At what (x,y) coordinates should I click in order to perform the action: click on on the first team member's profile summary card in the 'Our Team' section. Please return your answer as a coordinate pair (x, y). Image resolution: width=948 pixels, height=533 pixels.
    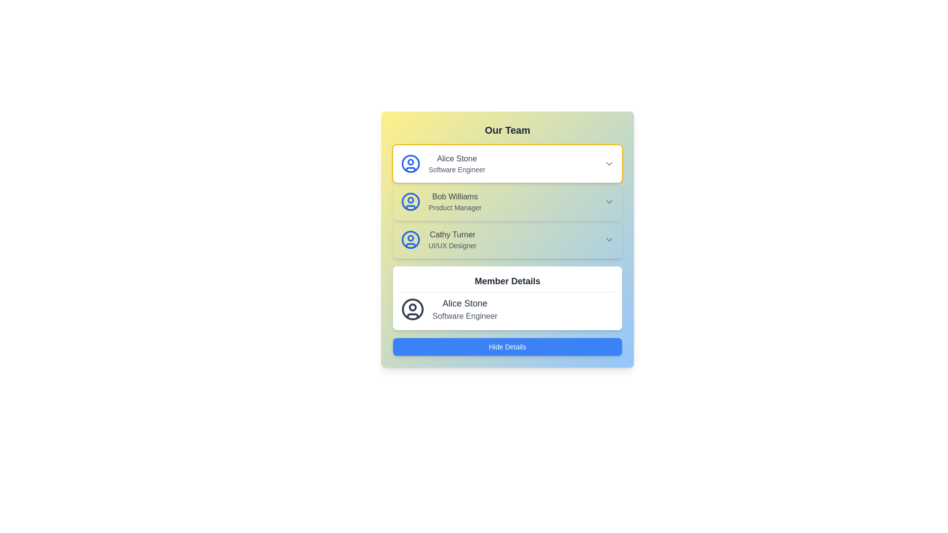
    Looking at the image, I should click on (507, 163).